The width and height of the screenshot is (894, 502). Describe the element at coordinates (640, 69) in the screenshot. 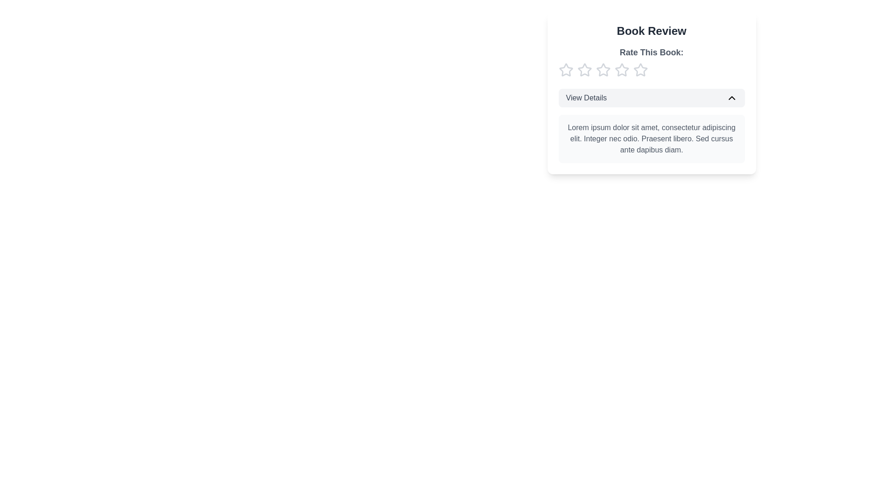

I see `the fourth star in the rating widget within the 'Book Review' interface` at that location.